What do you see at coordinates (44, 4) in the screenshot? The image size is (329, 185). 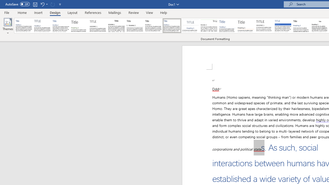 I see `'Undo Outline Move Up'` at bounding box center [44, 4].